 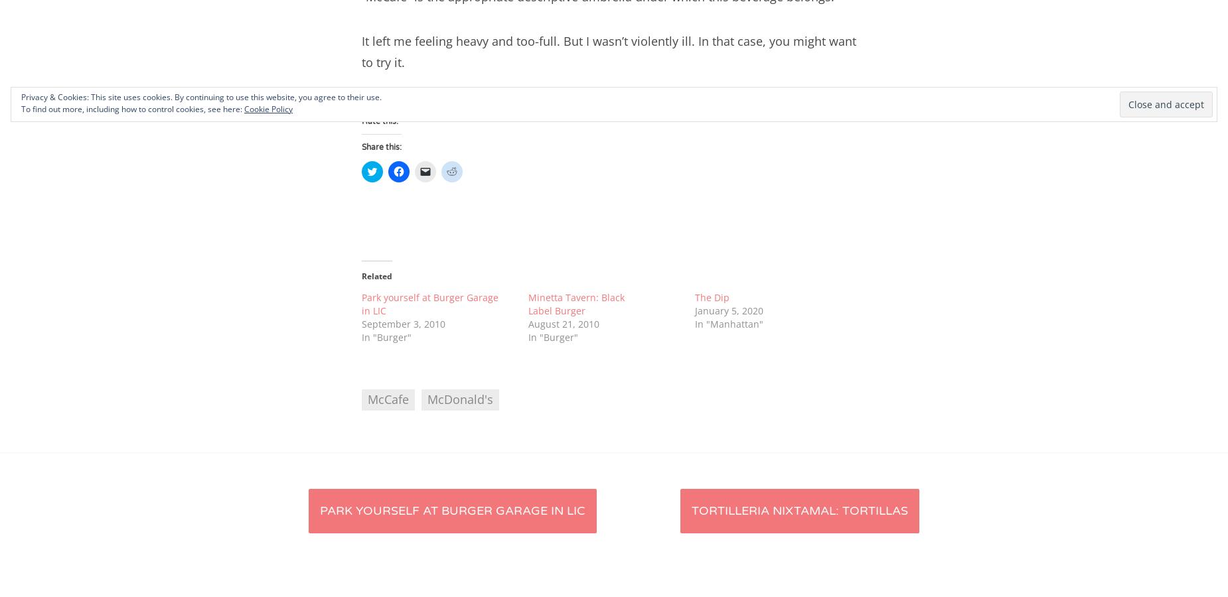 I want to click on 'McCafe', so click(x=388, y=399).